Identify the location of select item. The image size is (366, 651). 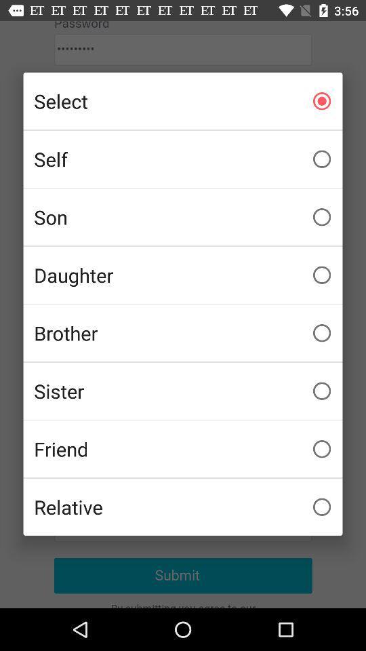
(183, 100).